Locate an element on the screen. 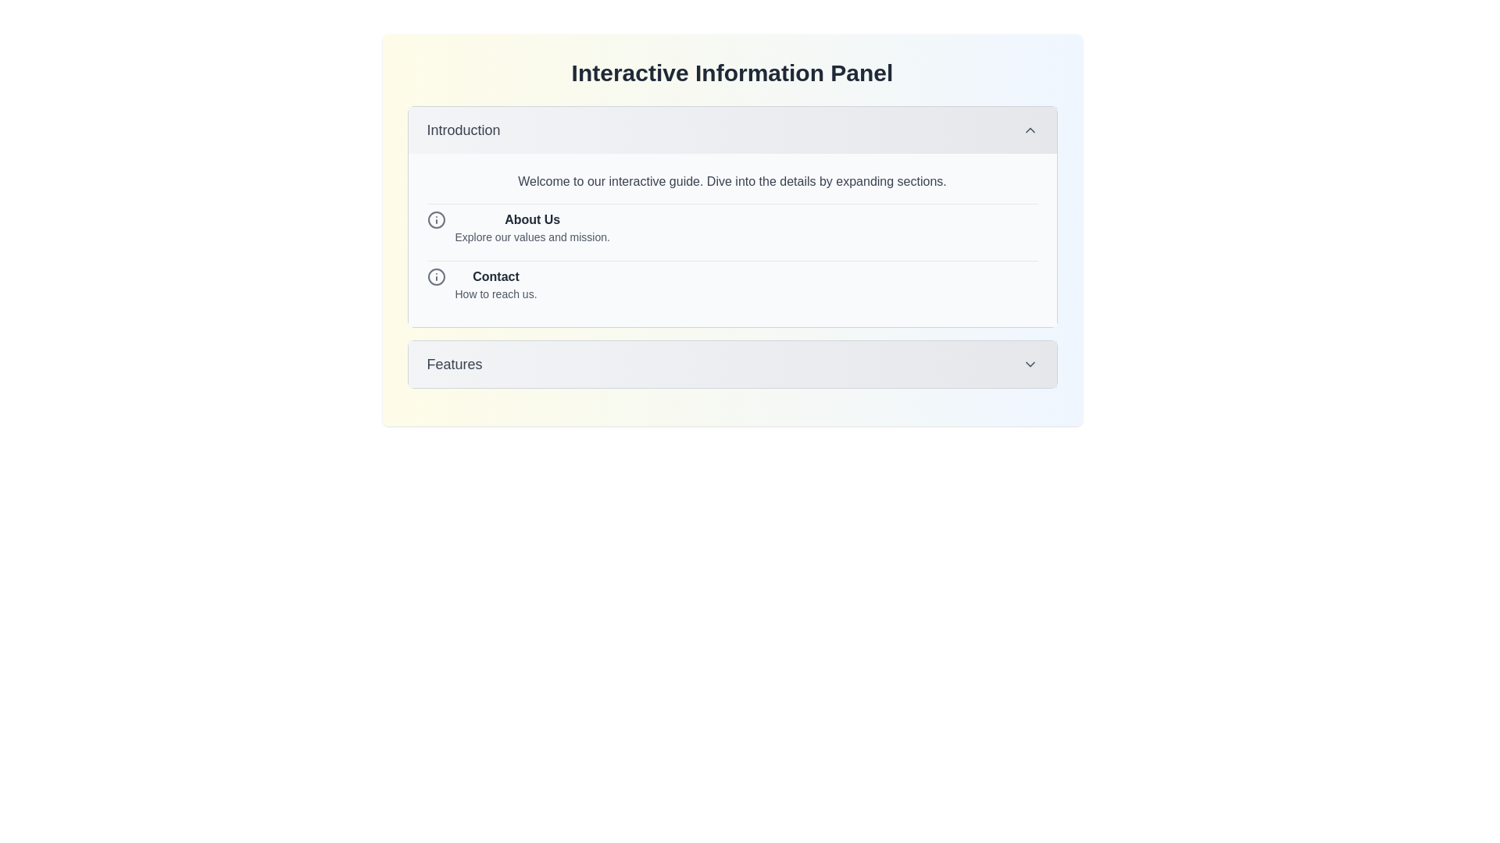 This screenshot has height=843, width=1500. the section header for contacting the organization is located at coordinates (731, 284).